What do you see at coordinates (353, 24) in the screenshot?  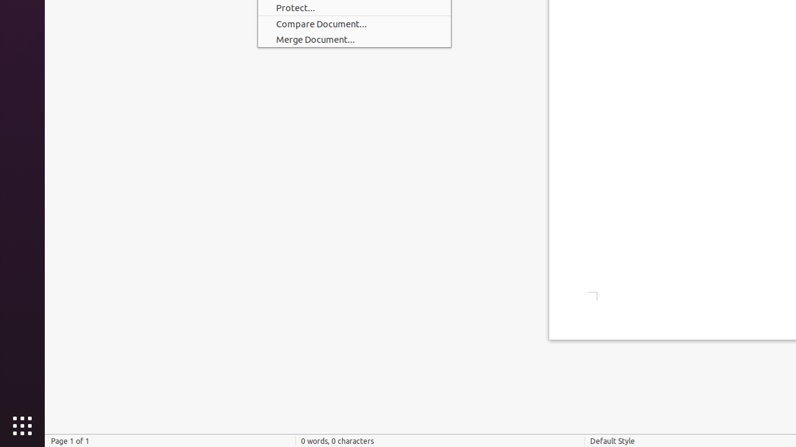 I see `'Compare Document...'` at bounding box center [353, 24].